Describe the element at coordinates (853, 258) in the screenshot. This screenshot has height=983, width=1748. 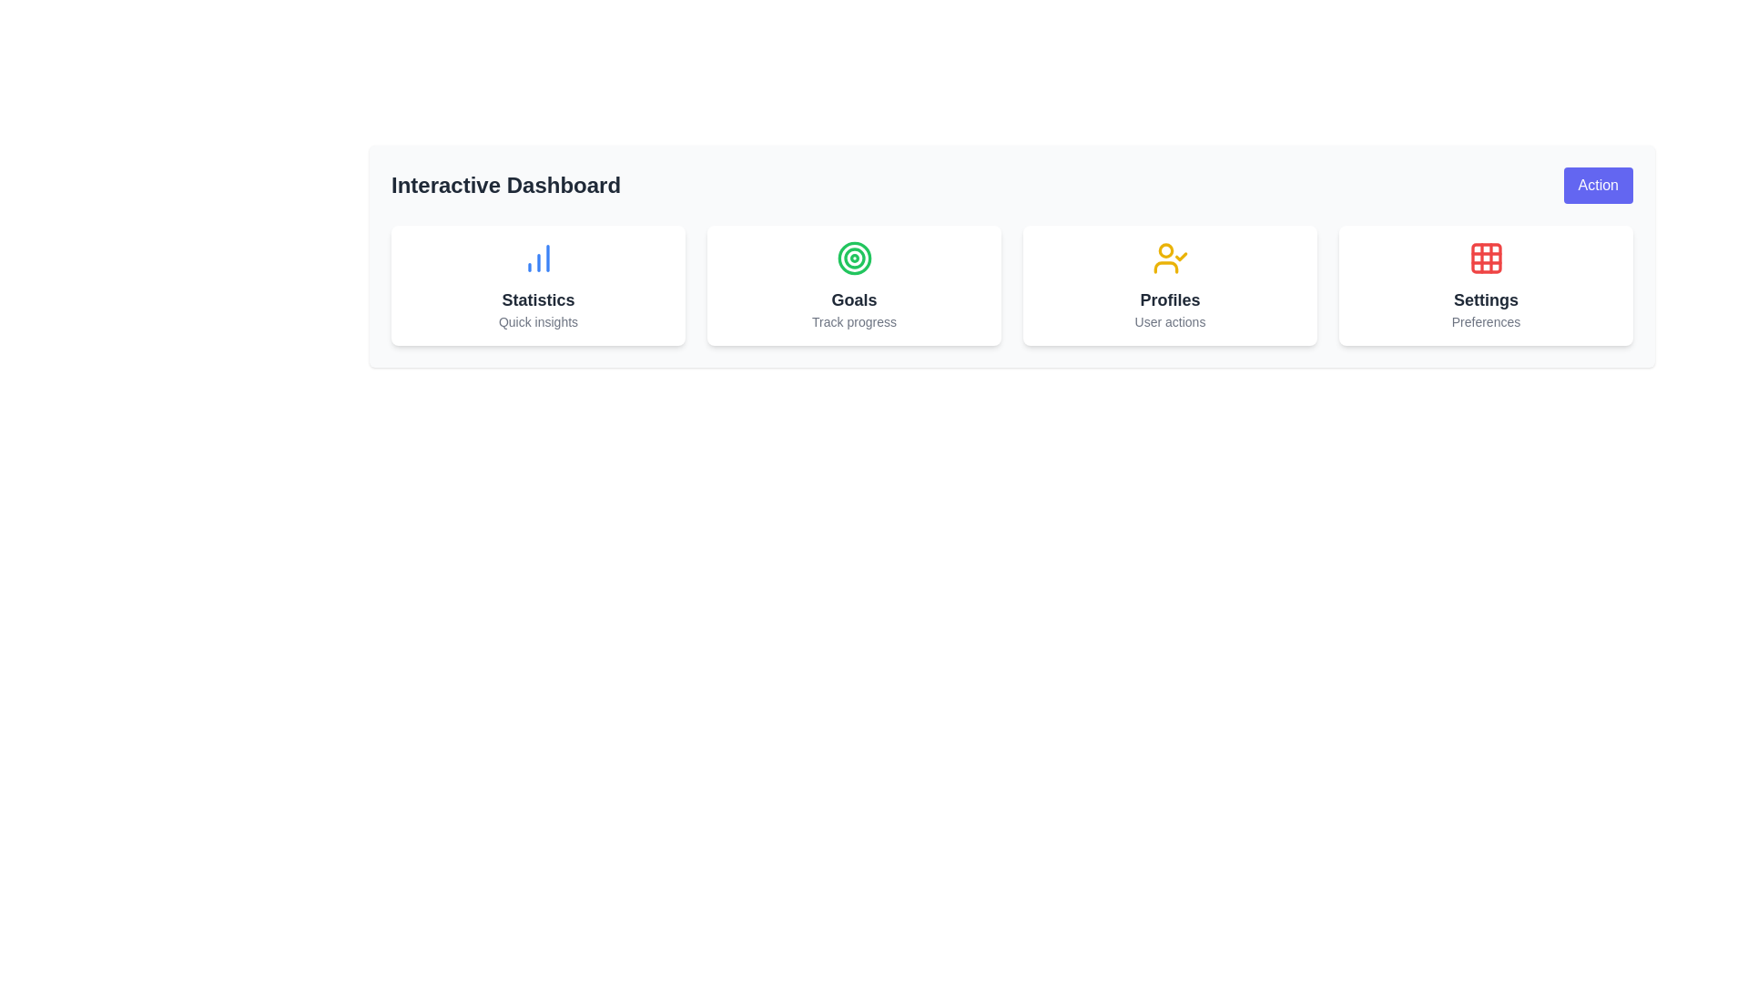
I see `the 'Goals' icon located at the top-center of the Goals card that signifies a target or objective` at that location.